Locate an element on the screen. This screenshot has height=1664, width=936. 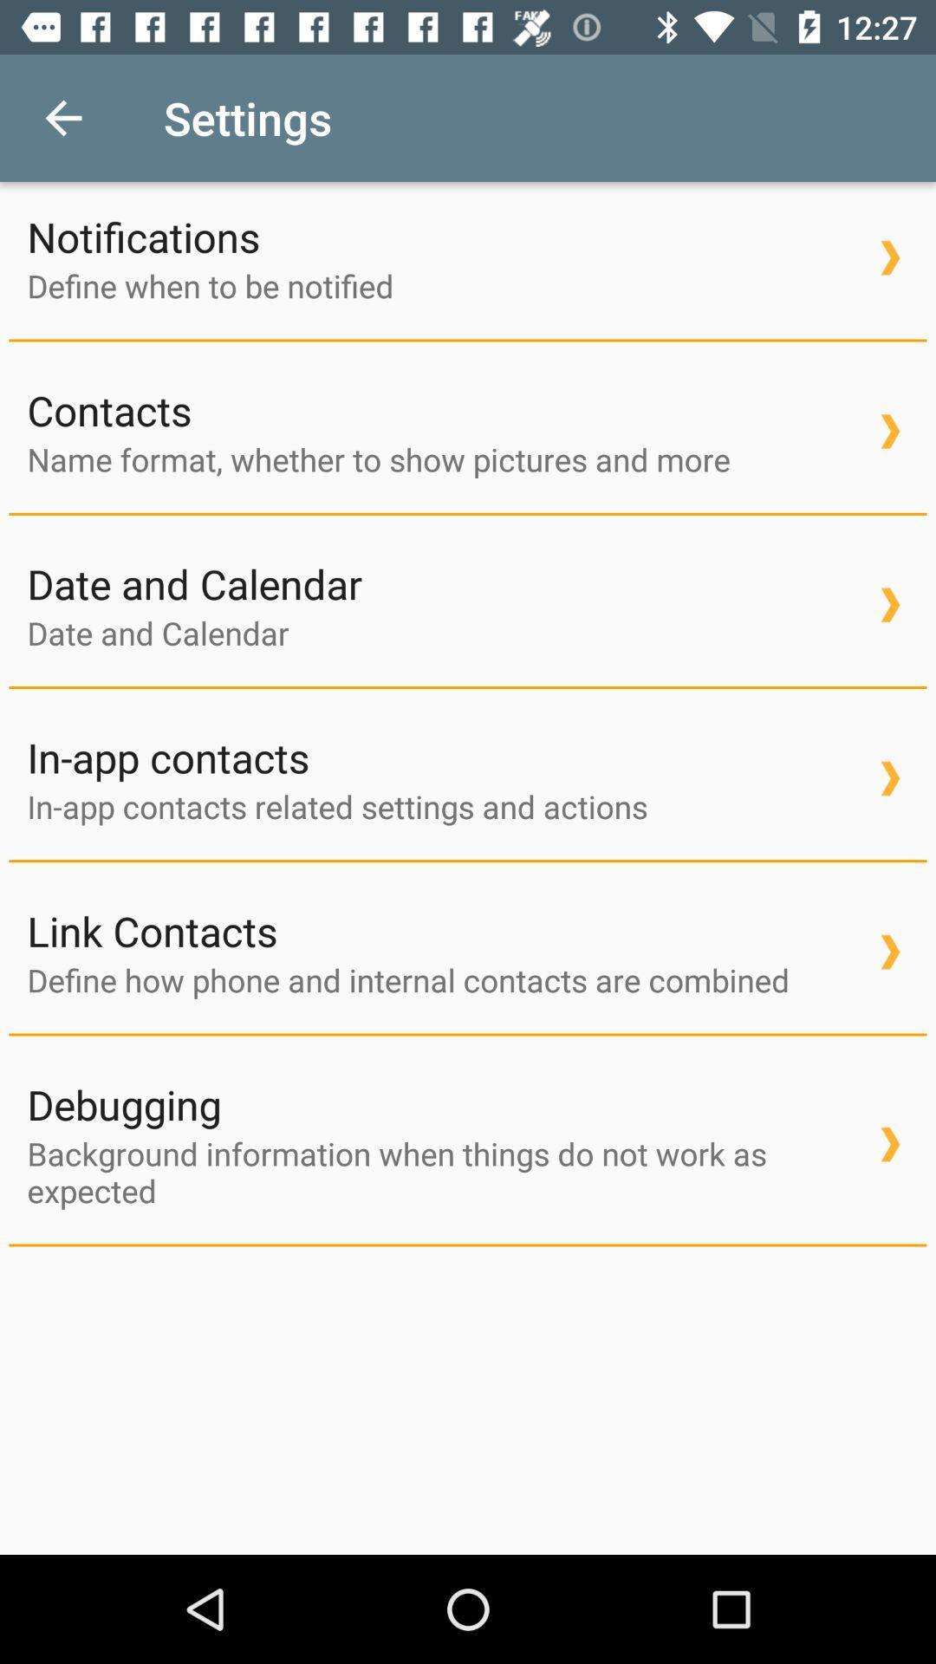
the icon to the left of settings icon is located at coordinates (62, 117).